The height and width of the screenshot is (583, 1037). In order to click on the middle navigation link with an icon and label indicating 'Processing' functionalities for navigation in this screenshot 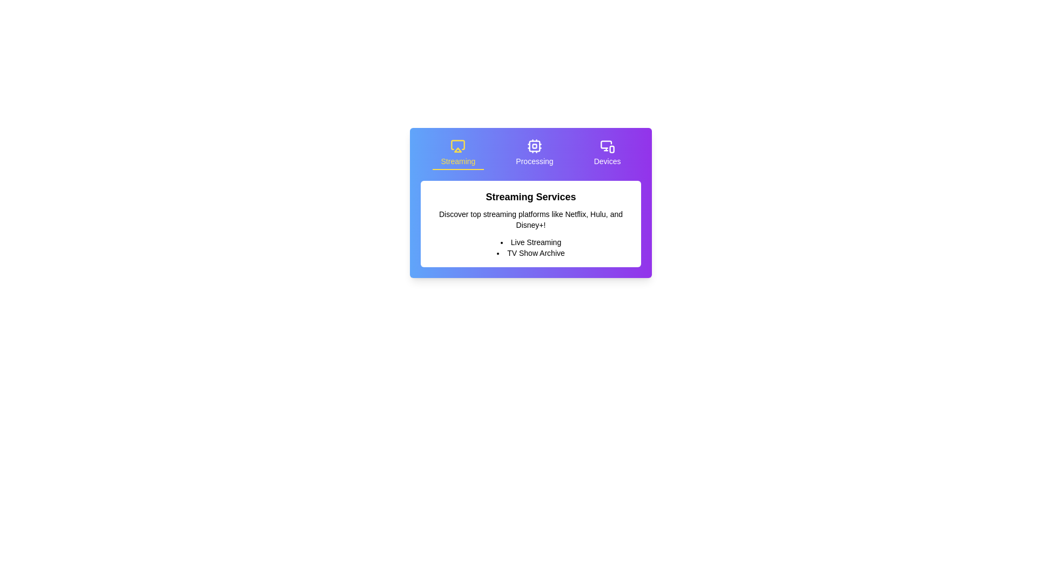, I will do `click(534, 152)`.